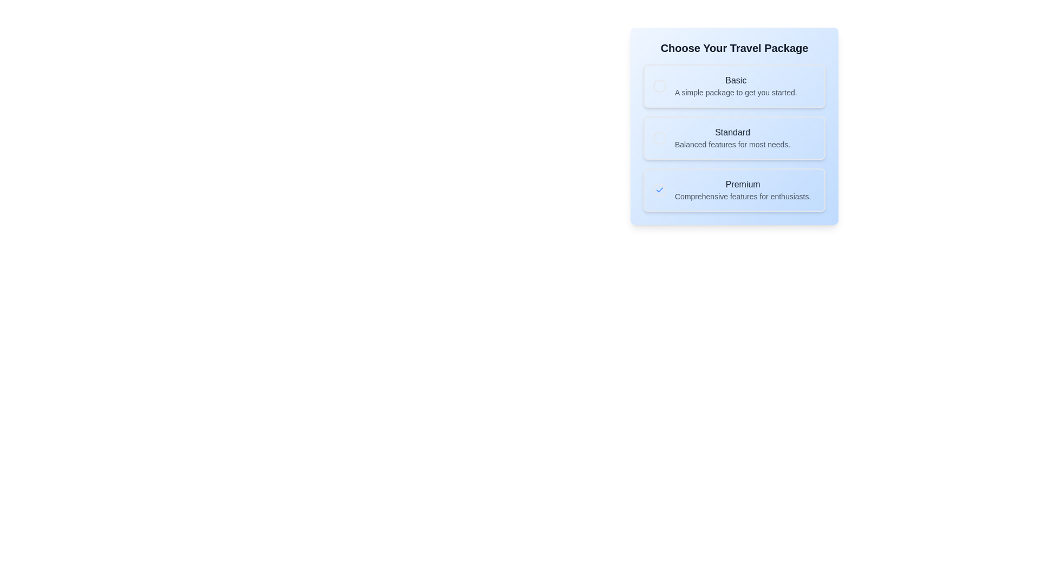 This screenshot has height=585, width=1040. Describe the element at coordinates (734, 85) in the screenshot. I see `the radio button for the 'Basic' travel package, which is the first selectable option under 'Choose Your Travel Package'` at that location.